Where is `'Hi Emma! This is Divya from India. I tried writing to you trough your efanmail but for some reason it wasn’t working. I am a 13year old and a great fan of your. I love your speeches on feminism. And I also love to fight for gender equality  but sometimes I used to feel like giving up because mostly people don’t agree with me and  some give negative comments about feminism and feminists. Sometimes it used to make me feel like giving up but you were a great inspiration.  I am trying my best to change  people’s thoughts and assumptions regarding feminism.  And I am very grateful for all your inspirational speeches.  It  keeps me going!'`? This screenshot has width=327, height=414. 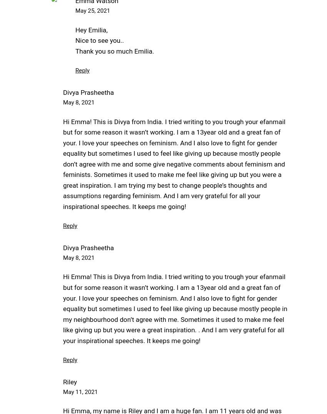
'Hi Emma! This is Divya from India. I tried writing to you trough your efanmail but for some reason it wasn’t working. I am a 13year old and a great fan of your. I love your speeches on feminism. And I also love to fight for gender equality  but sometimes I used to feel like giving up because mostly people don’t agree with me and  some give negative comments about feminism and feminists. Sometimes it used to make me feel like giving up but you were a great inspiration.  I am trying my best to change  people’s thoughts and assumptions regarding feminism.  And I am very grateful for all your inspirational speeches.  It  keeps me going!' is located at coordinates (174, 163).